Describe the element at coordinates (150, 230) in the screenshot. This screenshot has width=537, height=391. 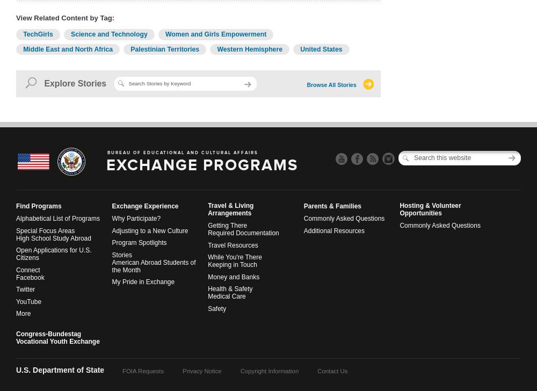
I see `'Adjusting to a New Culture'` at that location.